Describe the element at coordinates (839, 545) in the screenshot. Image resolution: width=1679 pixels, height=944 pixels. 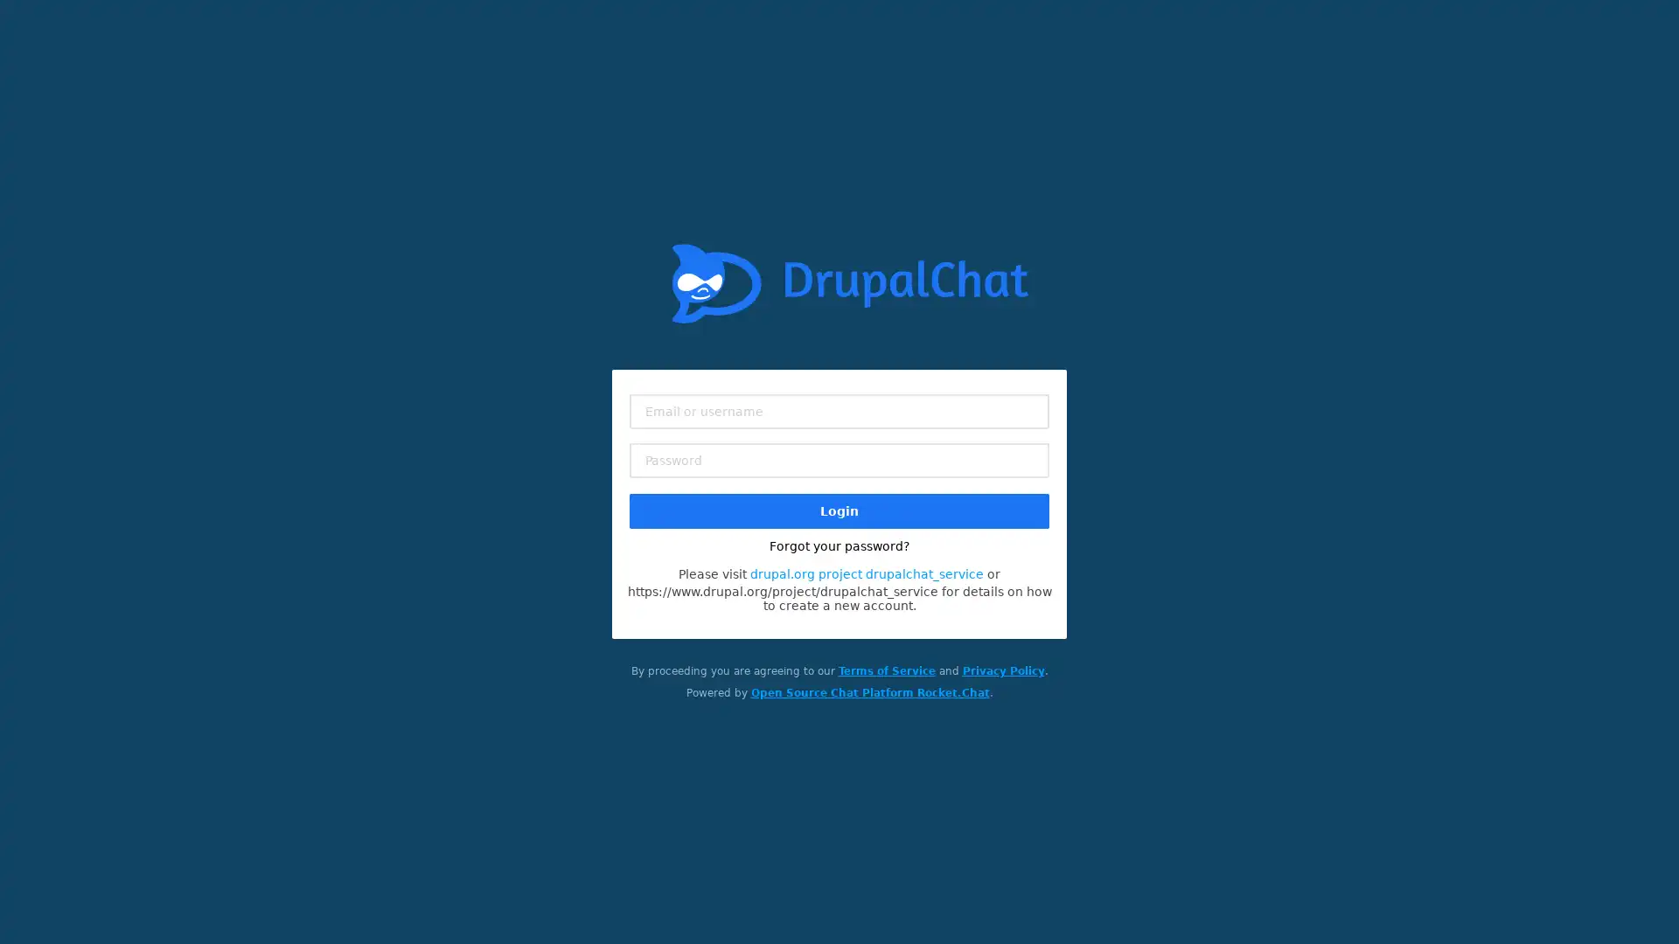
I see `Forgot your password?` at that location.